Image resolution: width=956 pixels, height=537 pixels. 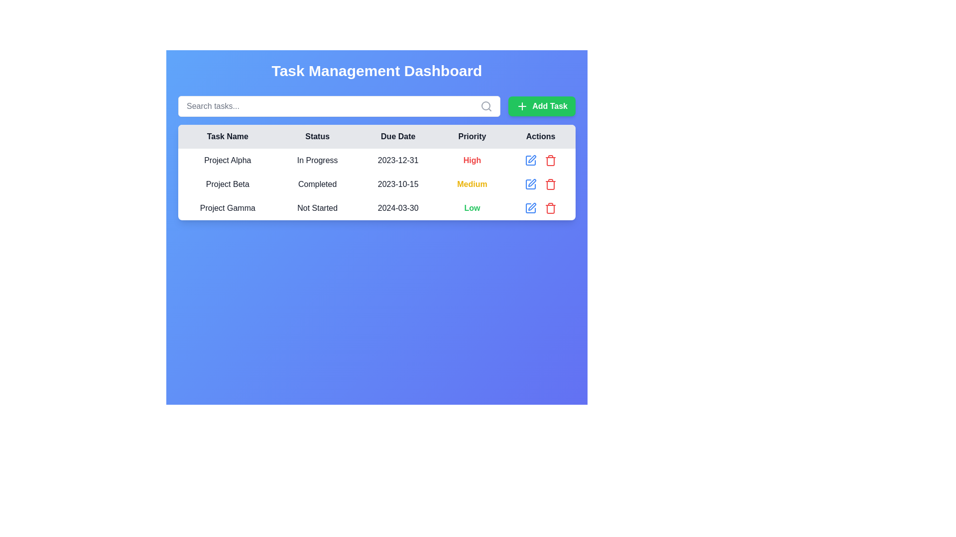 I want to click on the text label indicating the completion status of the task 'Project Beta', which is located in the second column of the second row in the table, so click(x=317, y=184).